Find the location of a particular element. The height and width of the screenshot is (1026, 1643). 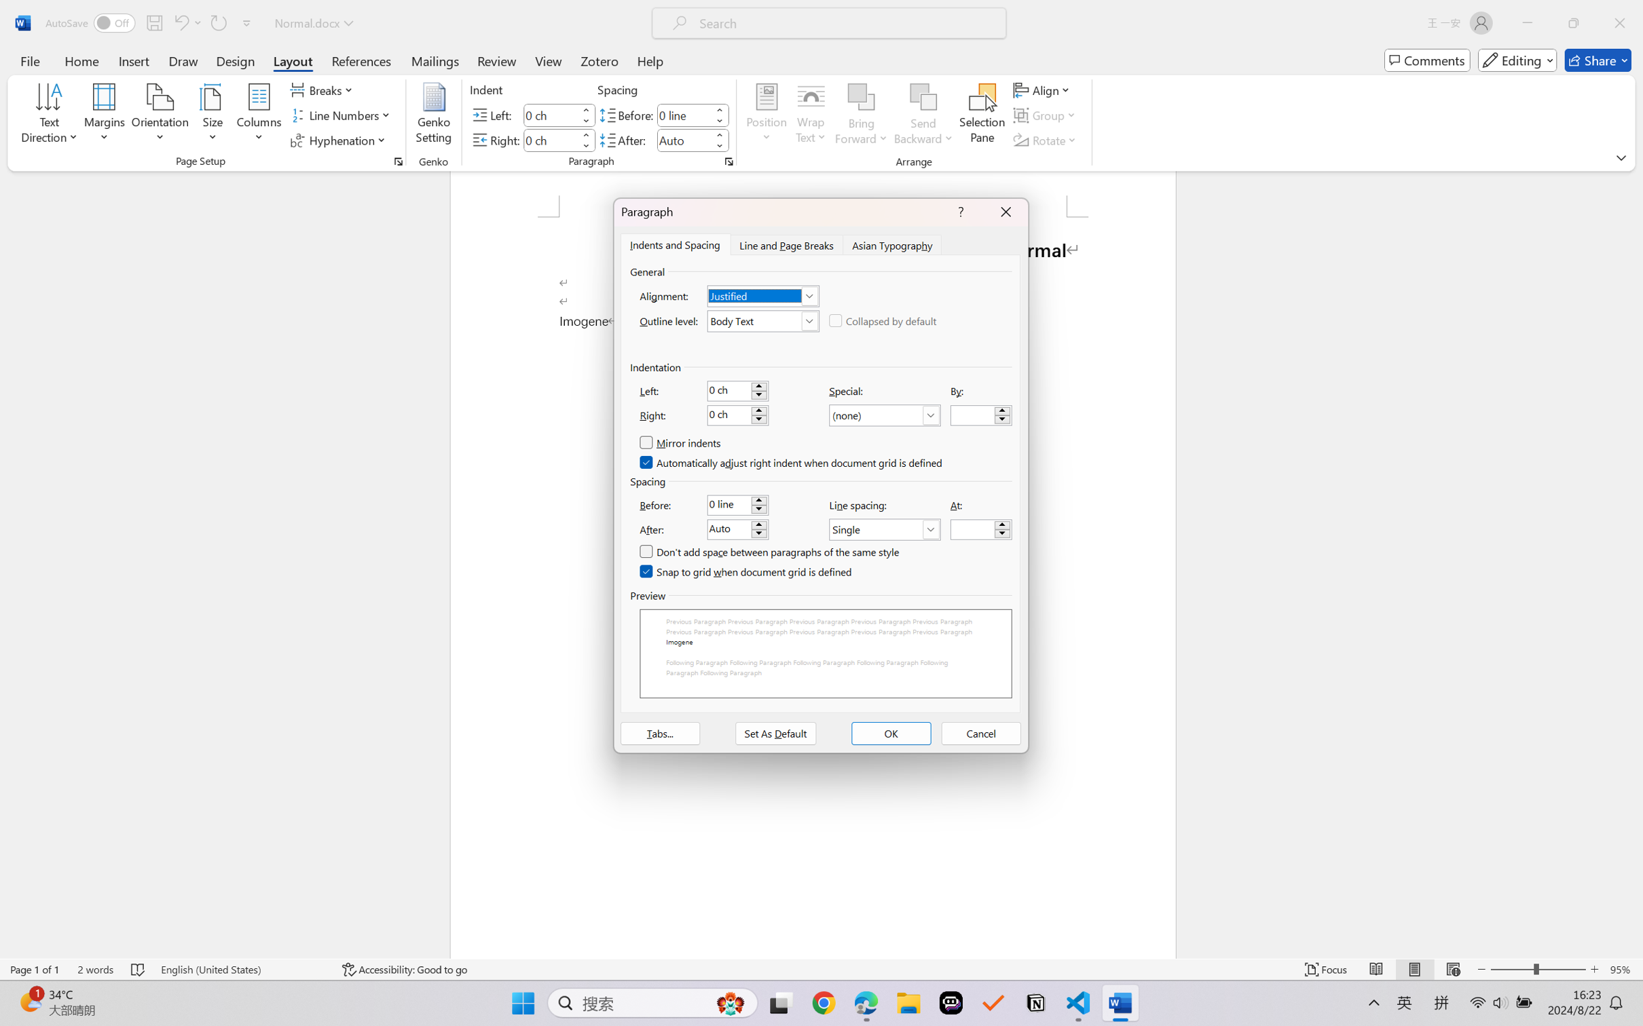

'Undo Paragraph Formatting' is located at coordinates (180, 22).